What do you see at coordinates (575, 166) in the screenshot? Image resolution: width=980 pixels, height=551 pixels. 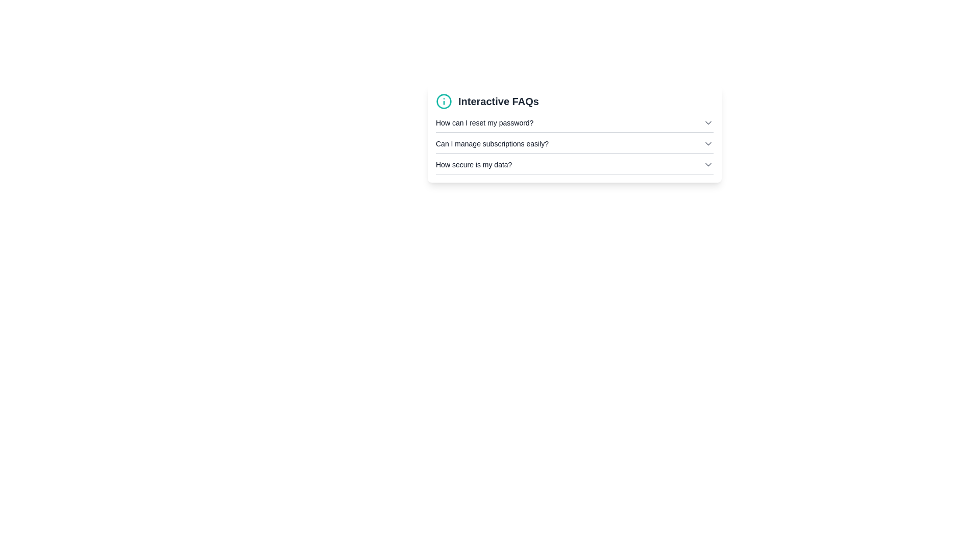 I see `the third Collapsible FAQ list item` at bounding box center [575, 166].